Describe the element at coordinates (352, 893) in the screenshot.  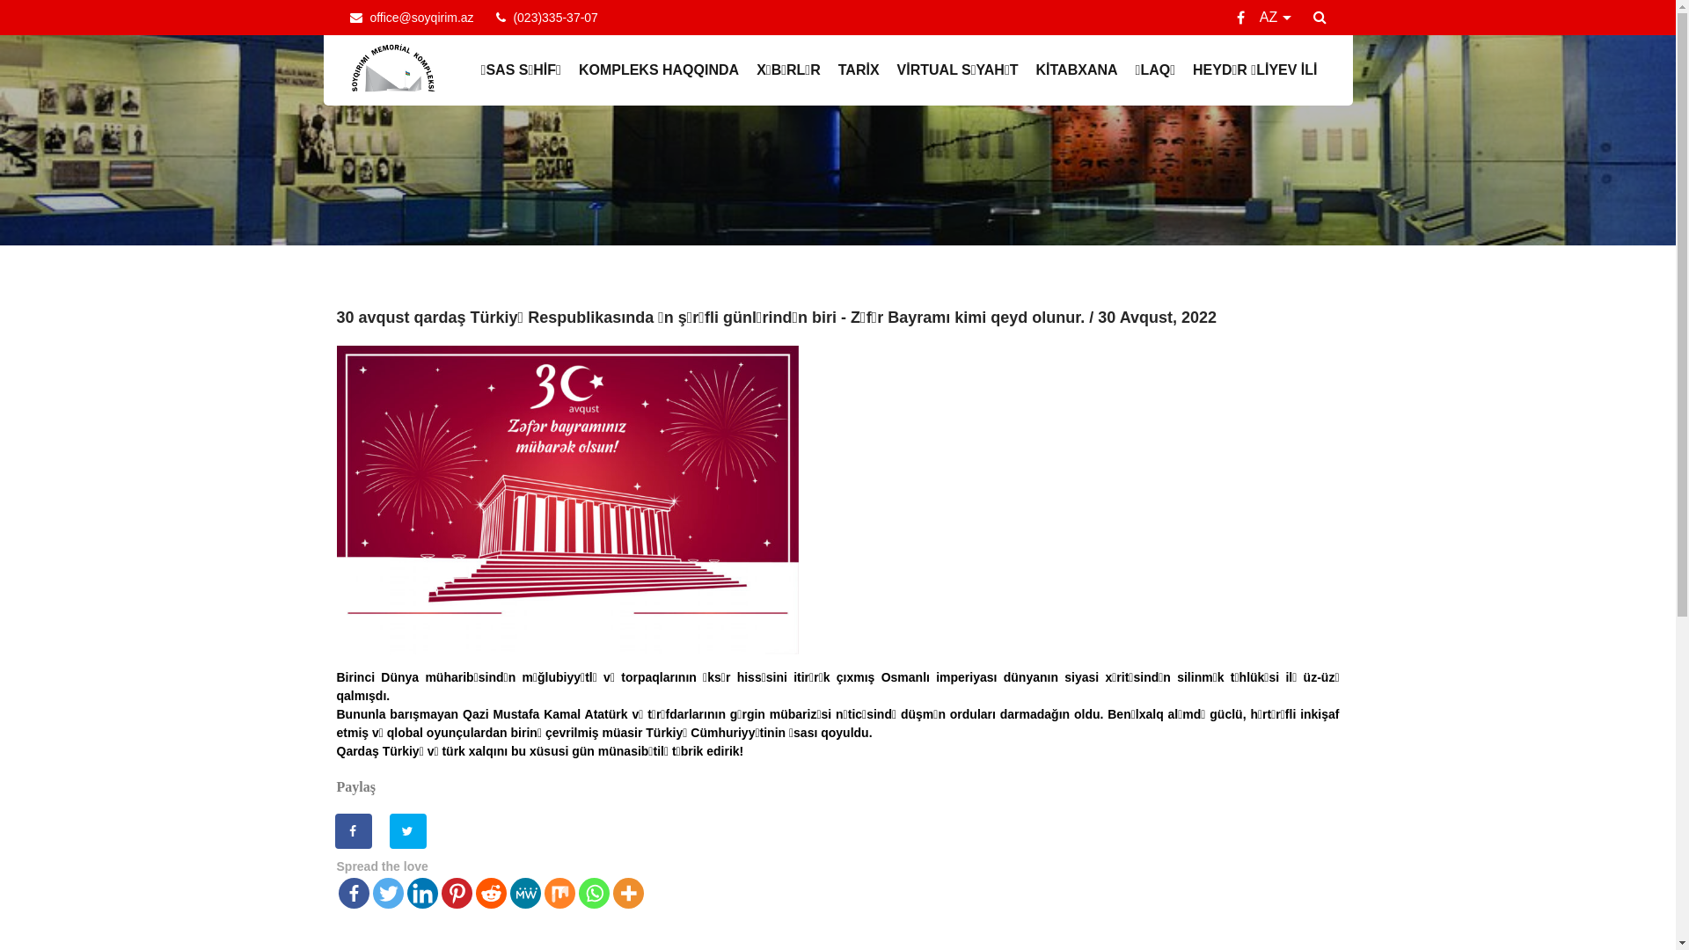
I see `'Facebook'` at that location.